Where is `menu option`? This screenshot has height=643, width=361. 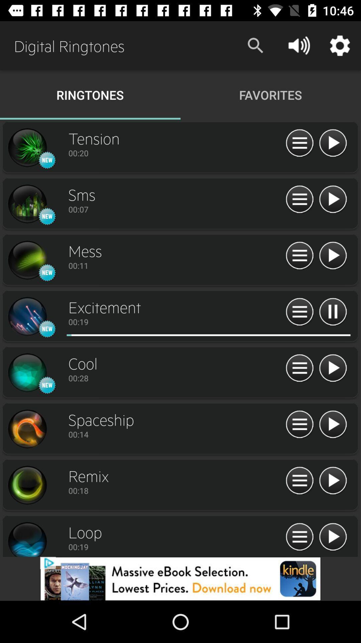
menu option is located at coordinates (299, 424).